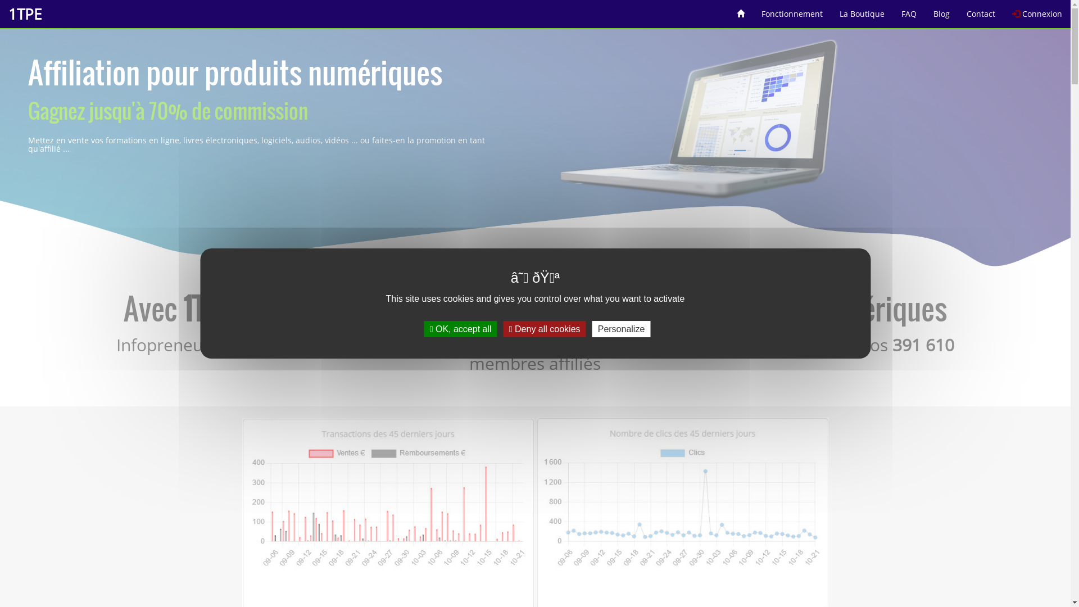  What do you see at coordinates (791, 10) in the screenshot?
I see `'Fonctionnement'` at bounding box center [791, 10].